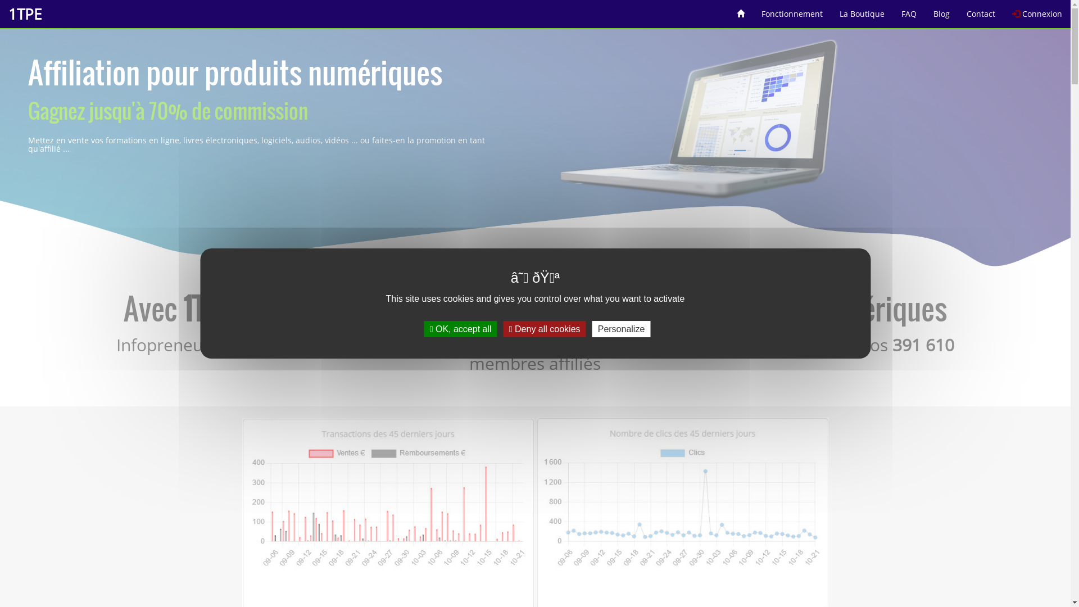  What do you see at coordinates (791, 10) in the screenshot?
I see `'Fonctionnement'` at bounding box center [791, 10].